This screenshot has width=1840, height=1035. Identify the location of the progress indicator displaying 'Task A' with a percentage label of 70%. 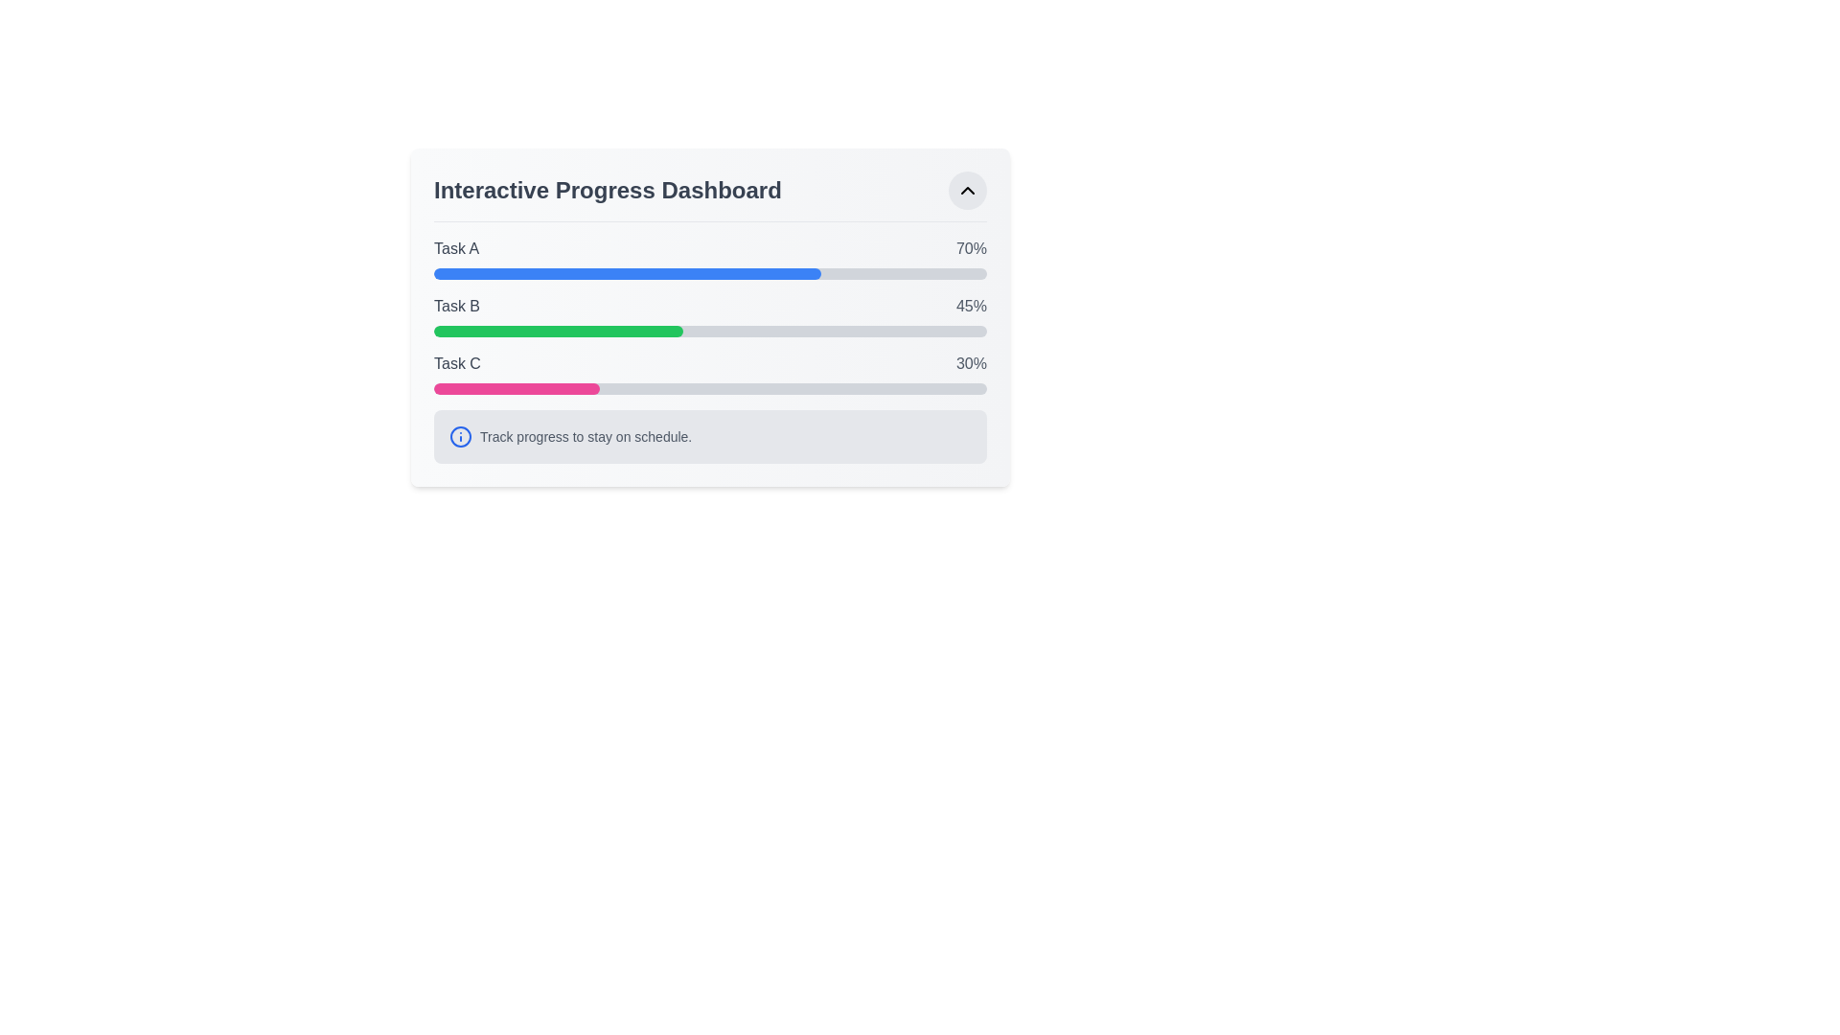
(709, 259).